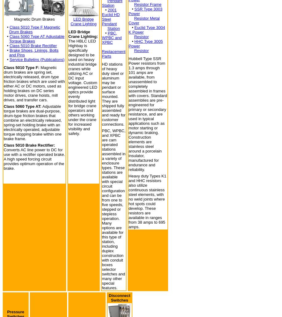 The image size is (282, 317). What do you see at coordinates (134, 4) in the screenshot?
I see `'Resistor Frame'` at bounding box center [134, 4].